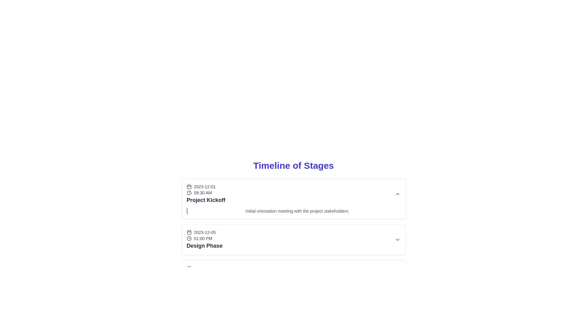 This screenshot has width=585, height=329. Describe the element at coordinates (189, 193) in the screenshot. I see `the SVG Circle element that forms the outer border of the clock icon, located near the time information '01:00 PM' in the 'Design Phase' card` at that location.